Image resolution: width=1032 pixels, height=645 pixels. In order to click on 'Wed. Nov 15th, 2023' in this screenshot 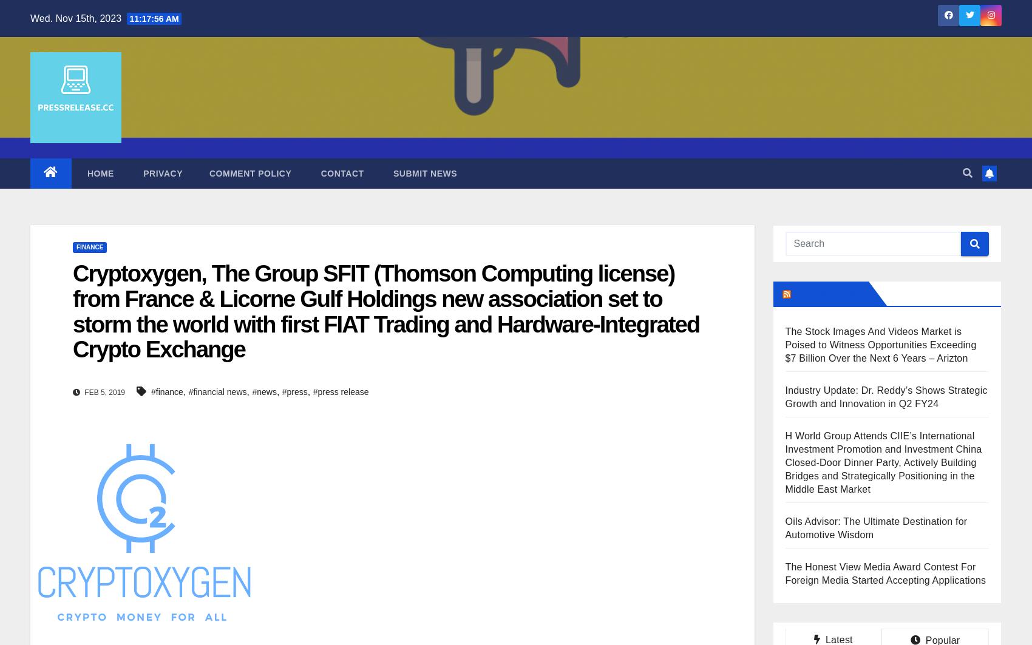, I will do `click(76, 18)`.